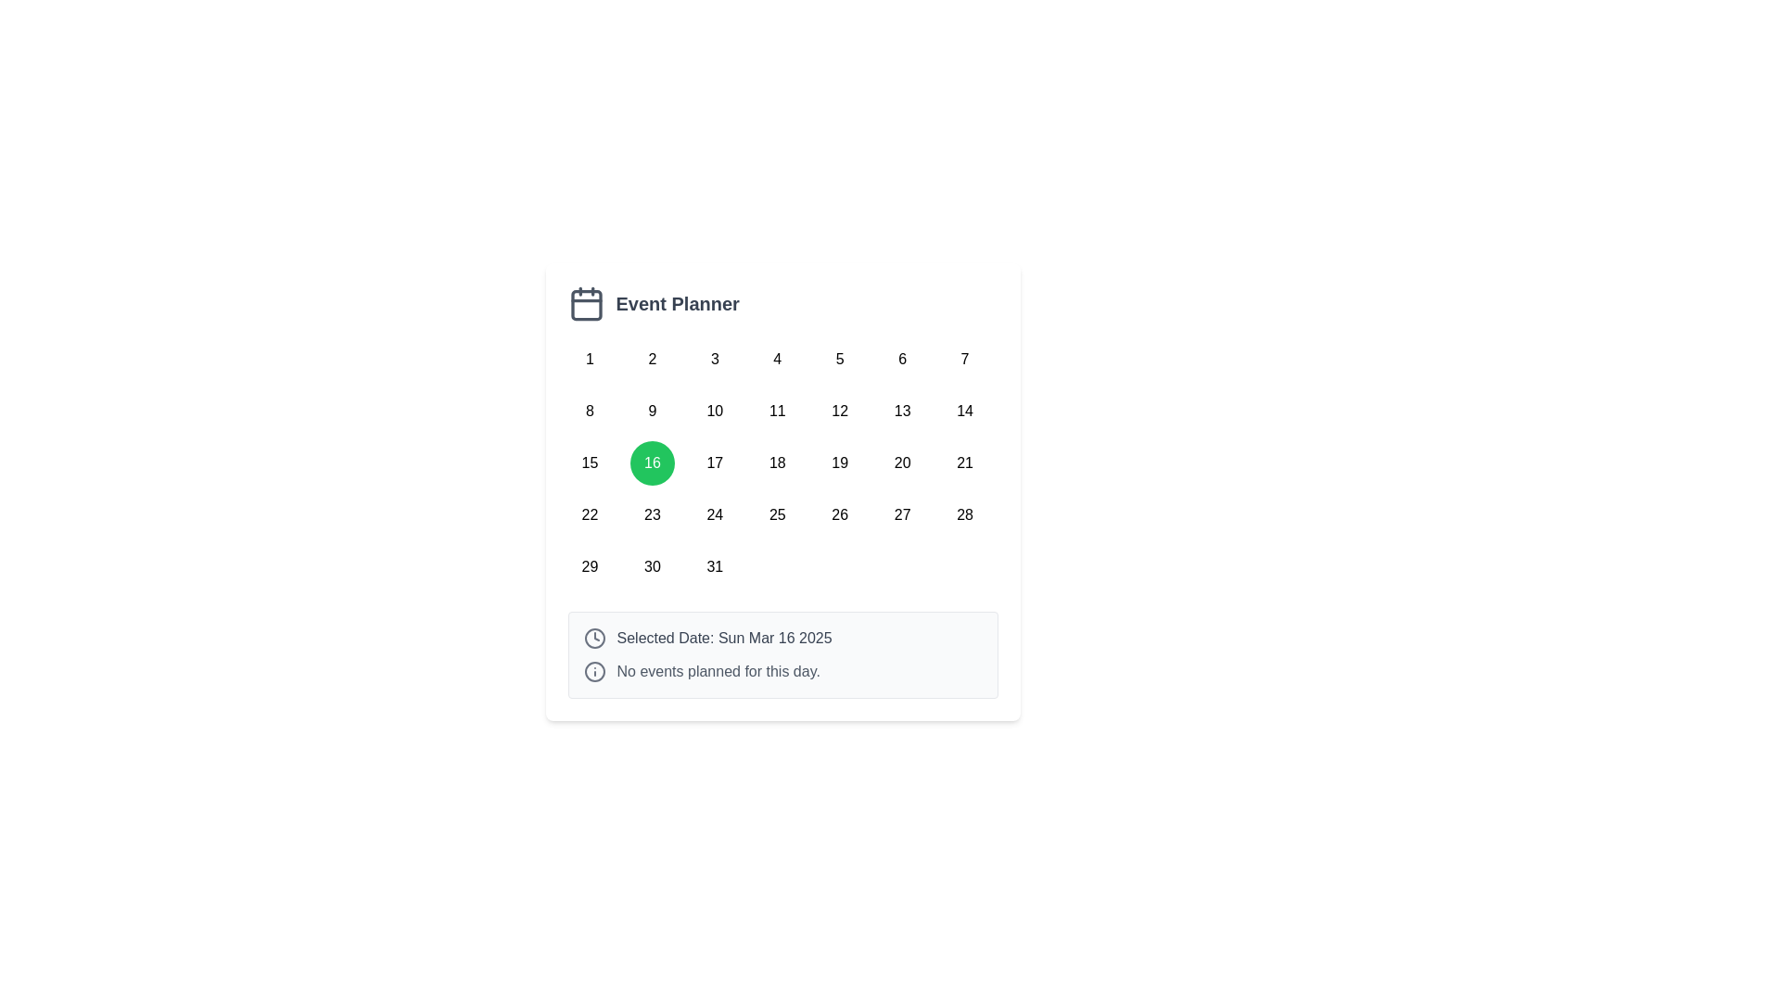 The width and height of the screenshot is (1780, 1001). I want to click on the circular button labeled '21', so click(964, 462).